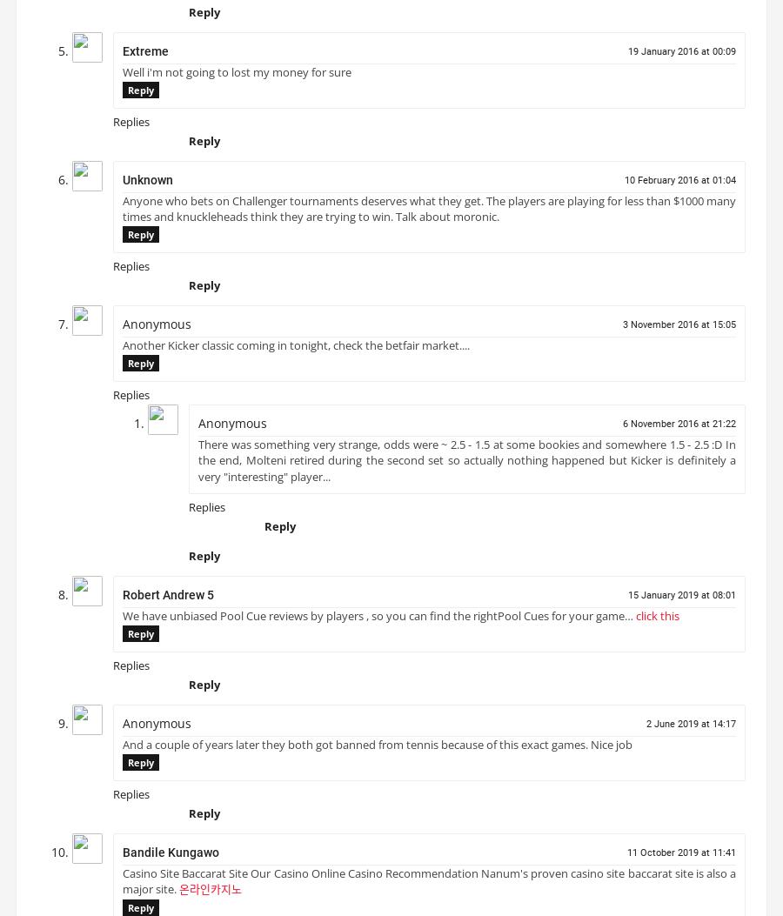 This screenshot has height=916, width=783. What do you see at coordinates (236, 77) in the screenshot?
I see `'Well i'm not going to lost my money for sure'` at bounding box center [236, 77].